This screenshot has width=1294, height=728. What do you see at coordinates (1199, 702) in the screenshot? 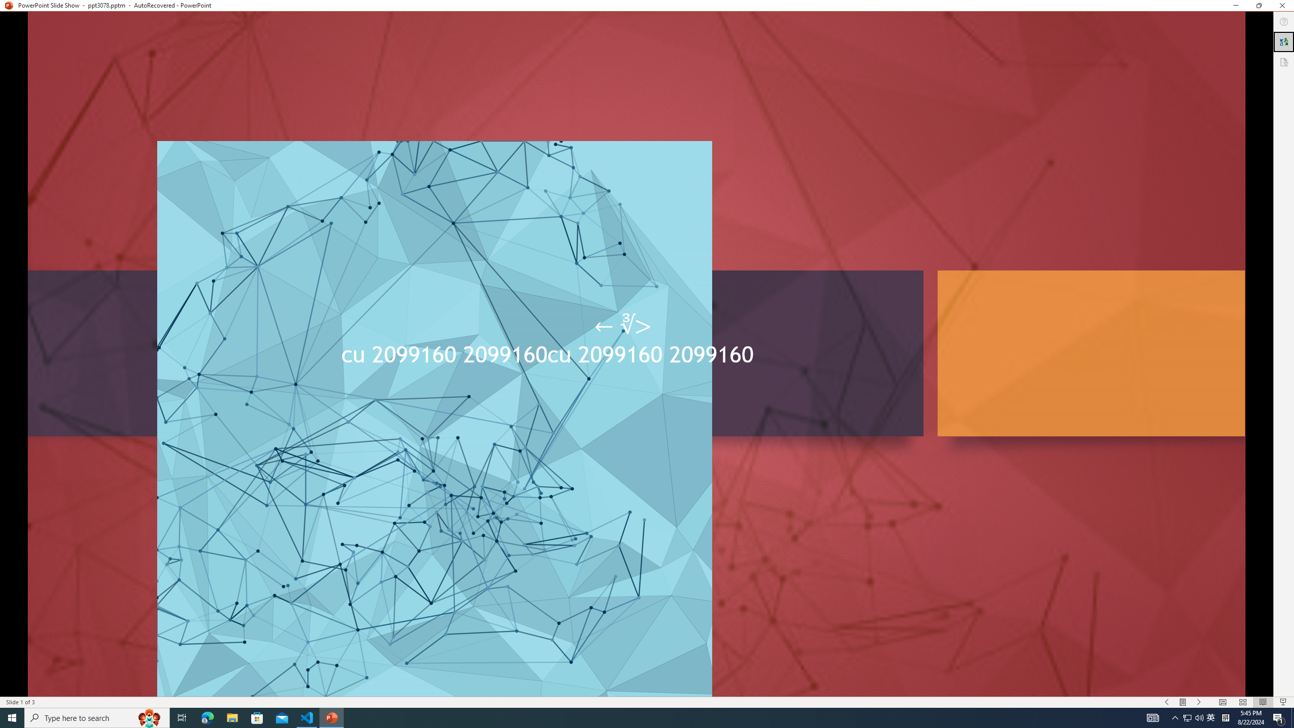
I see `'Slide Show Next On'` at bounding box center [1199, 702].